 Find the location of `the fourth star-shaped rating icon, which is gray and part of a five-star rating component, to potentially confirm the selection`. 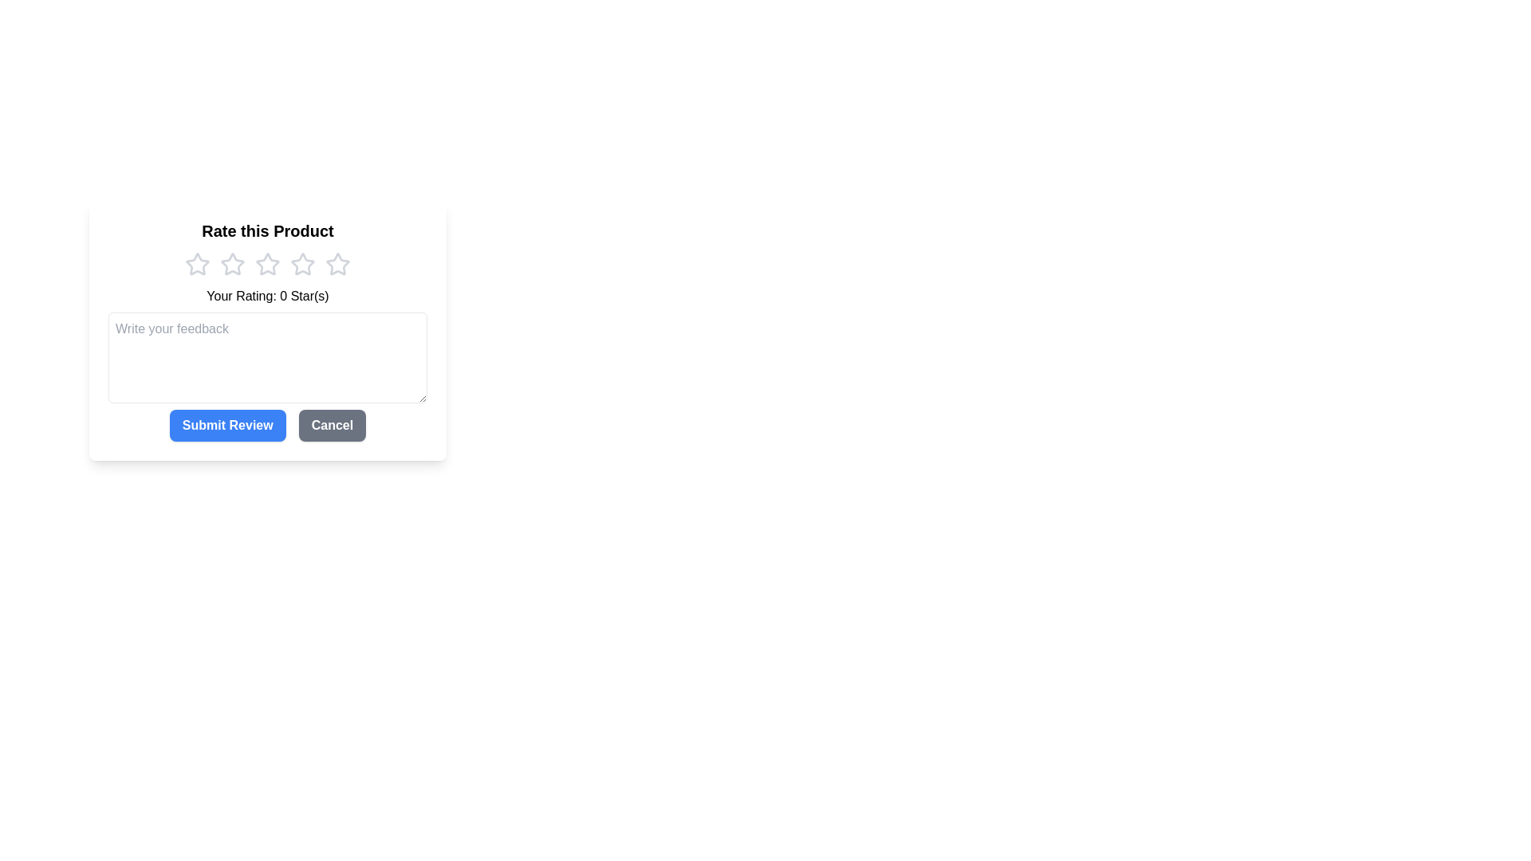

the fourth star-shaped rating icon, which is gray and part of a five-star rating component, to potentially confirm the selection is located at coordinates (302, 263).